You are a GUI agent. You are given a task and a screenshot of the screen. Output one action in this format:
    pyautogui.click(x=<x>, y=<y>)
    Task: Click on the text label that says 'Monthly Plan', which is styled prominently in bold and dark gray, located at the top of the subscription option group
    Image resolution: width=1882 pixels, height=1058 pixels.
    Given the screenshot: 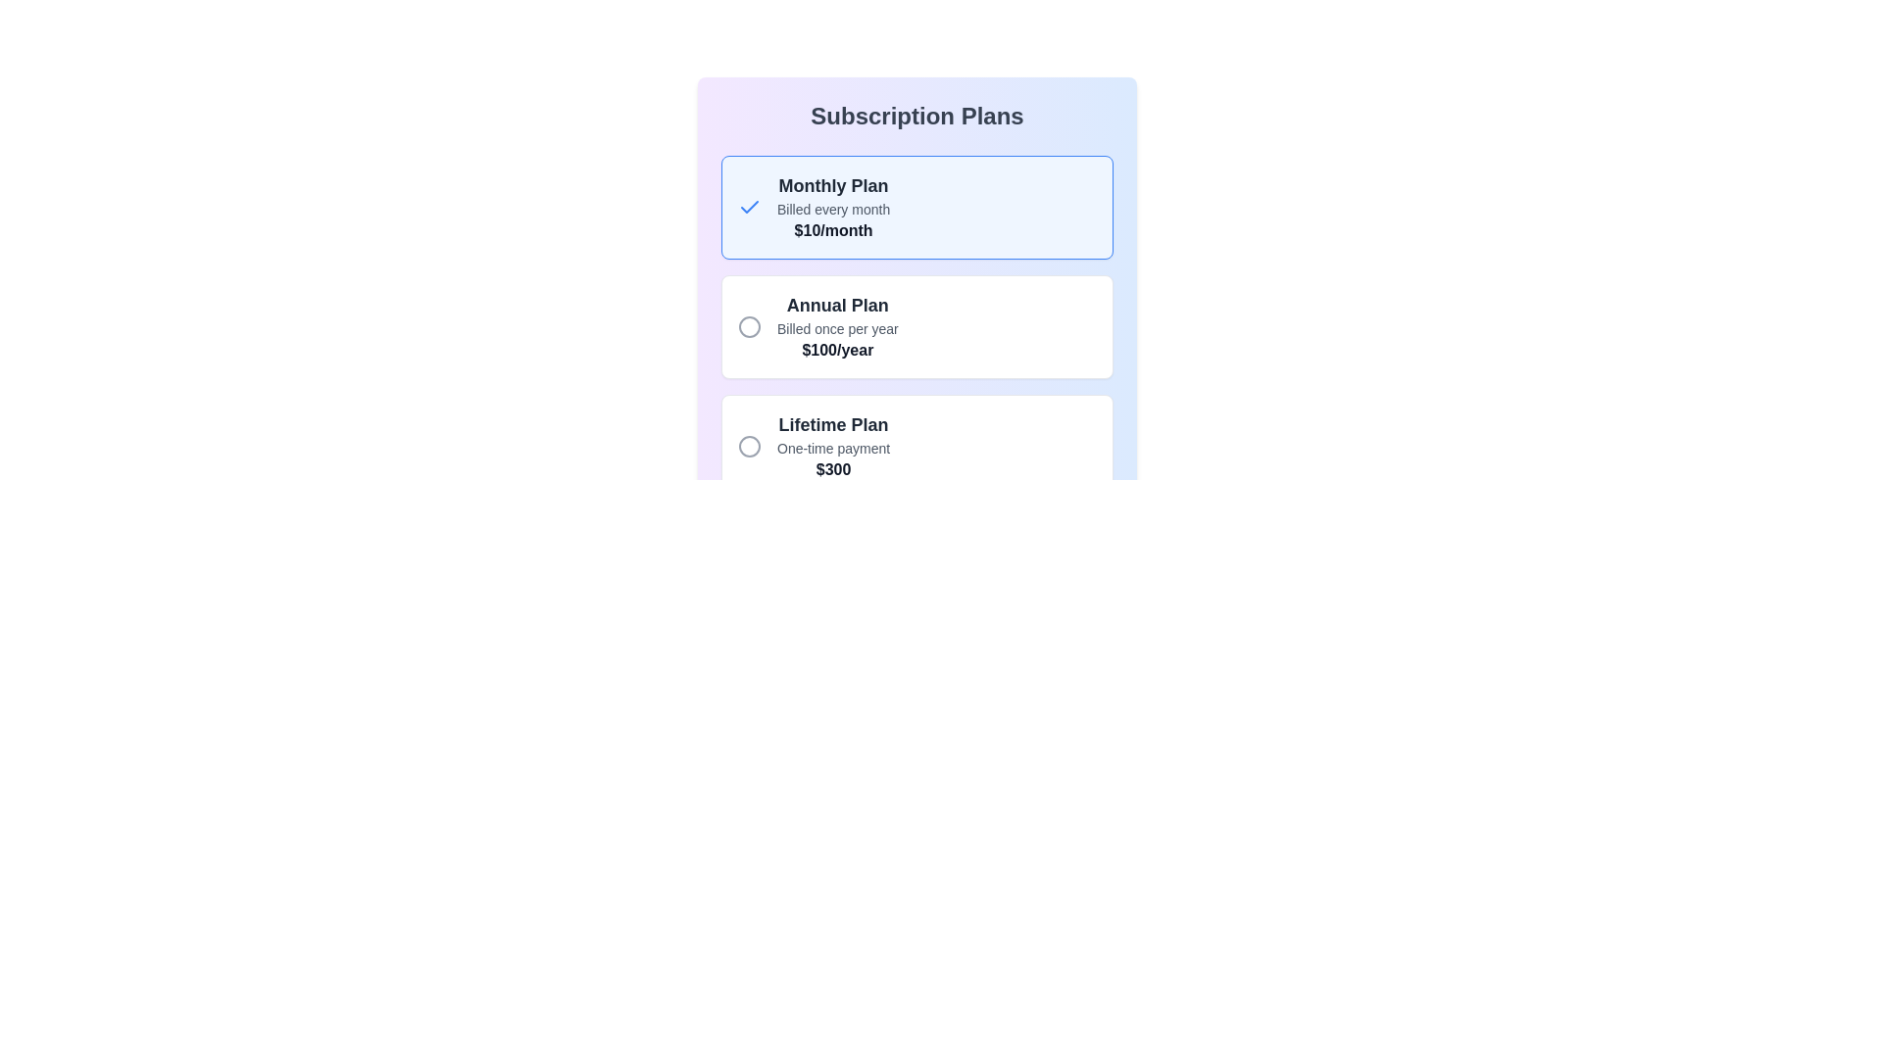 What is the action you would take?
    pyautogui.click(x=833, y=185)
    